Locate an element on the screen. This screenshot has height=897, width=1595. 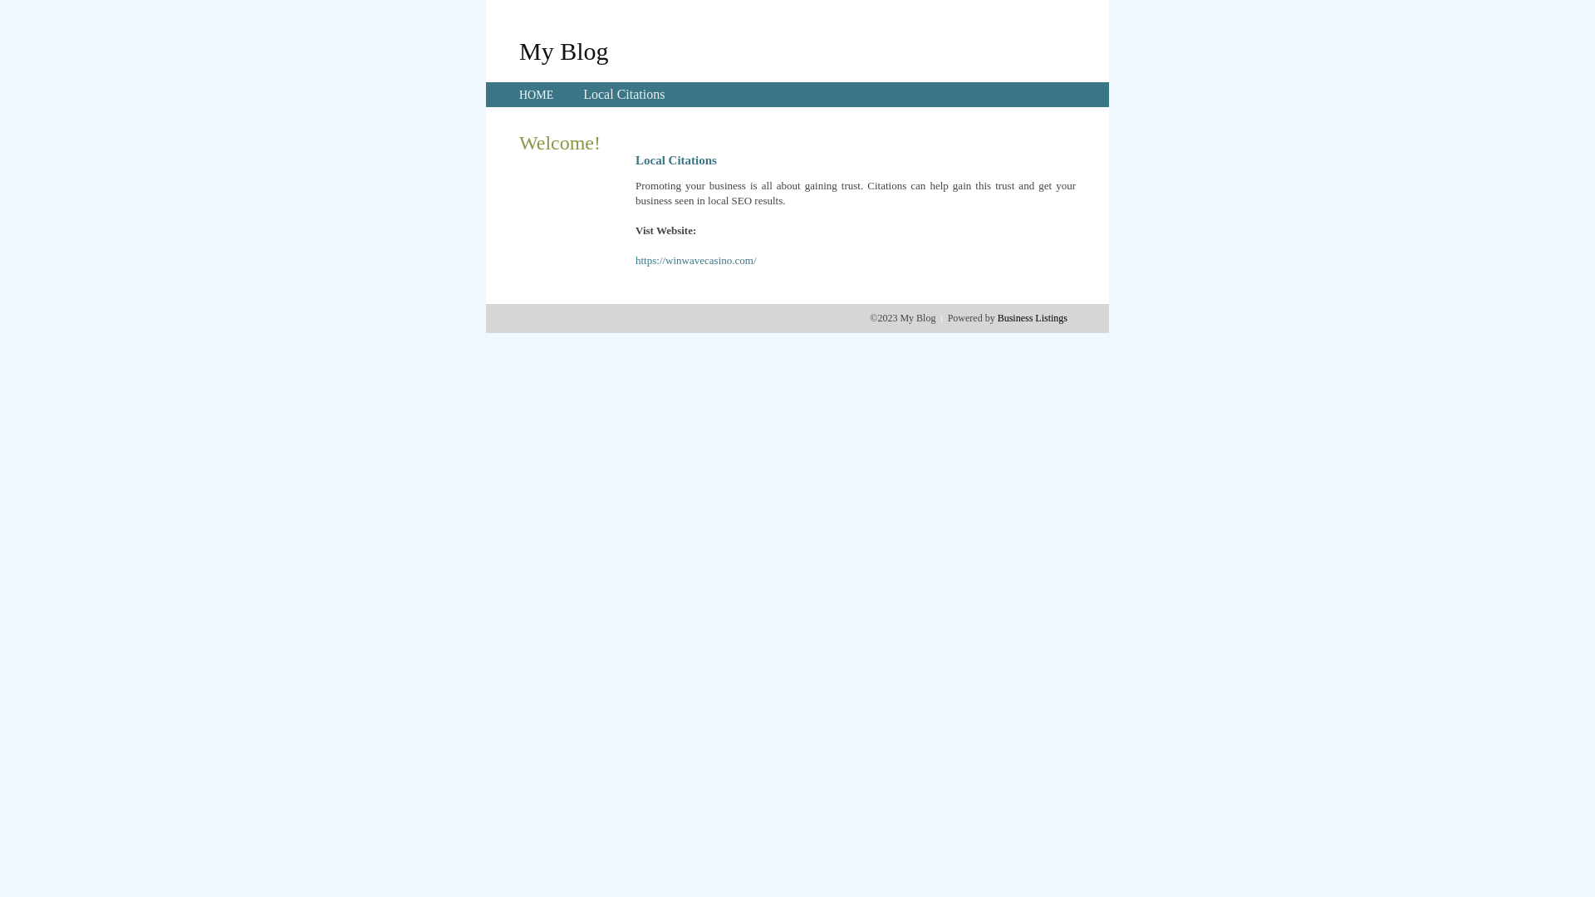
'Local Citations' is located at coordinates (622, 94).